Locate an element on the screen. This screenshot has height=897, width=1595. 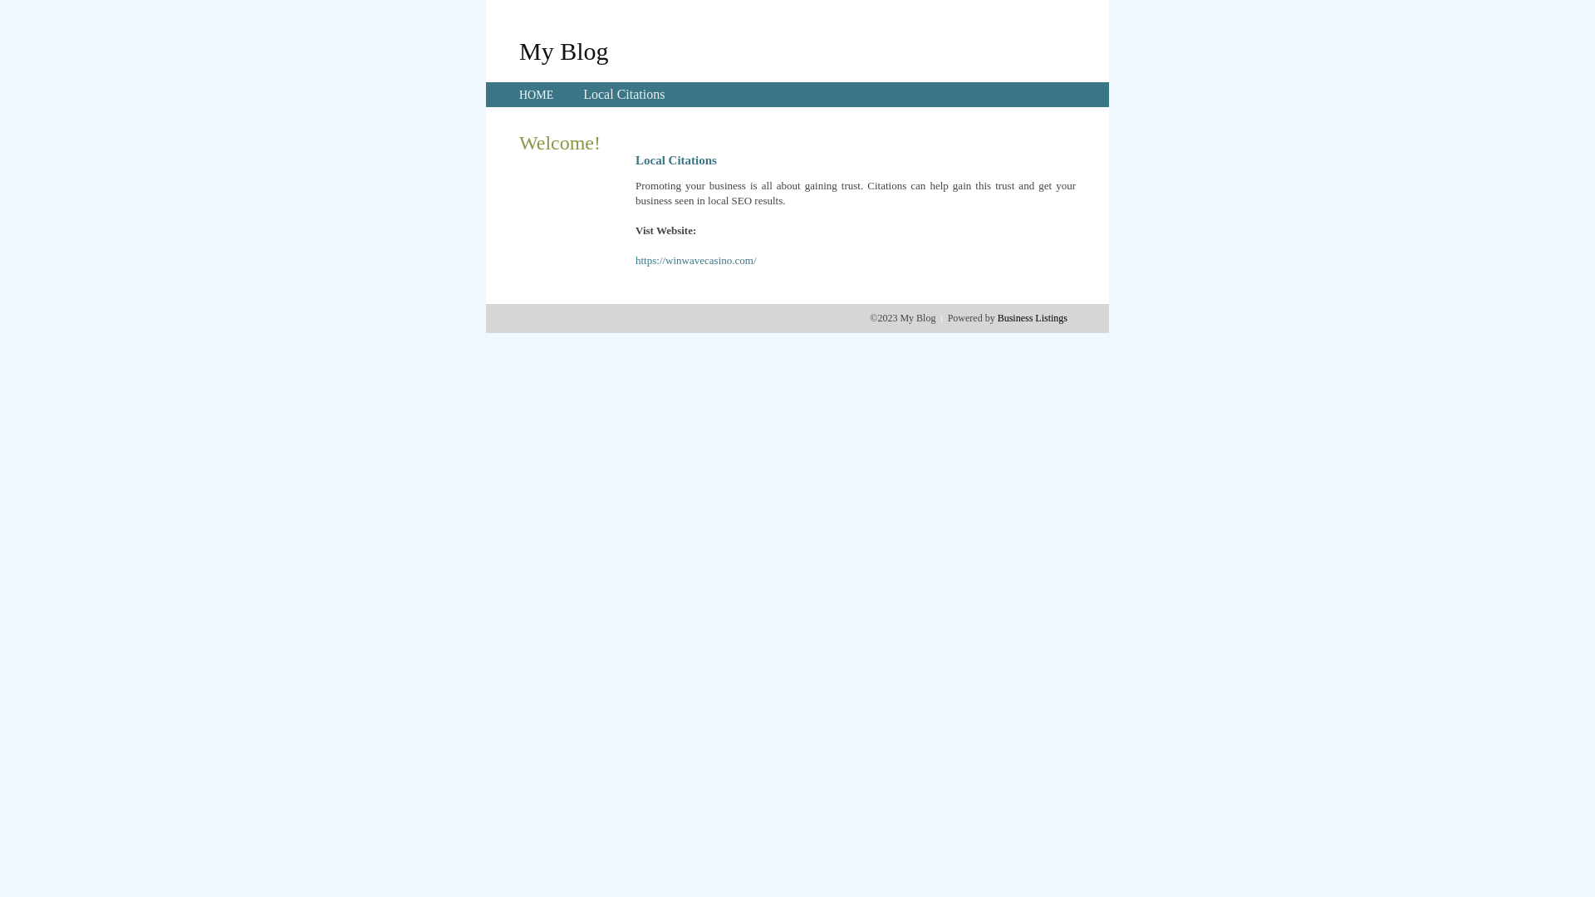
'Local Citations' is located at coordinates (622, 94).